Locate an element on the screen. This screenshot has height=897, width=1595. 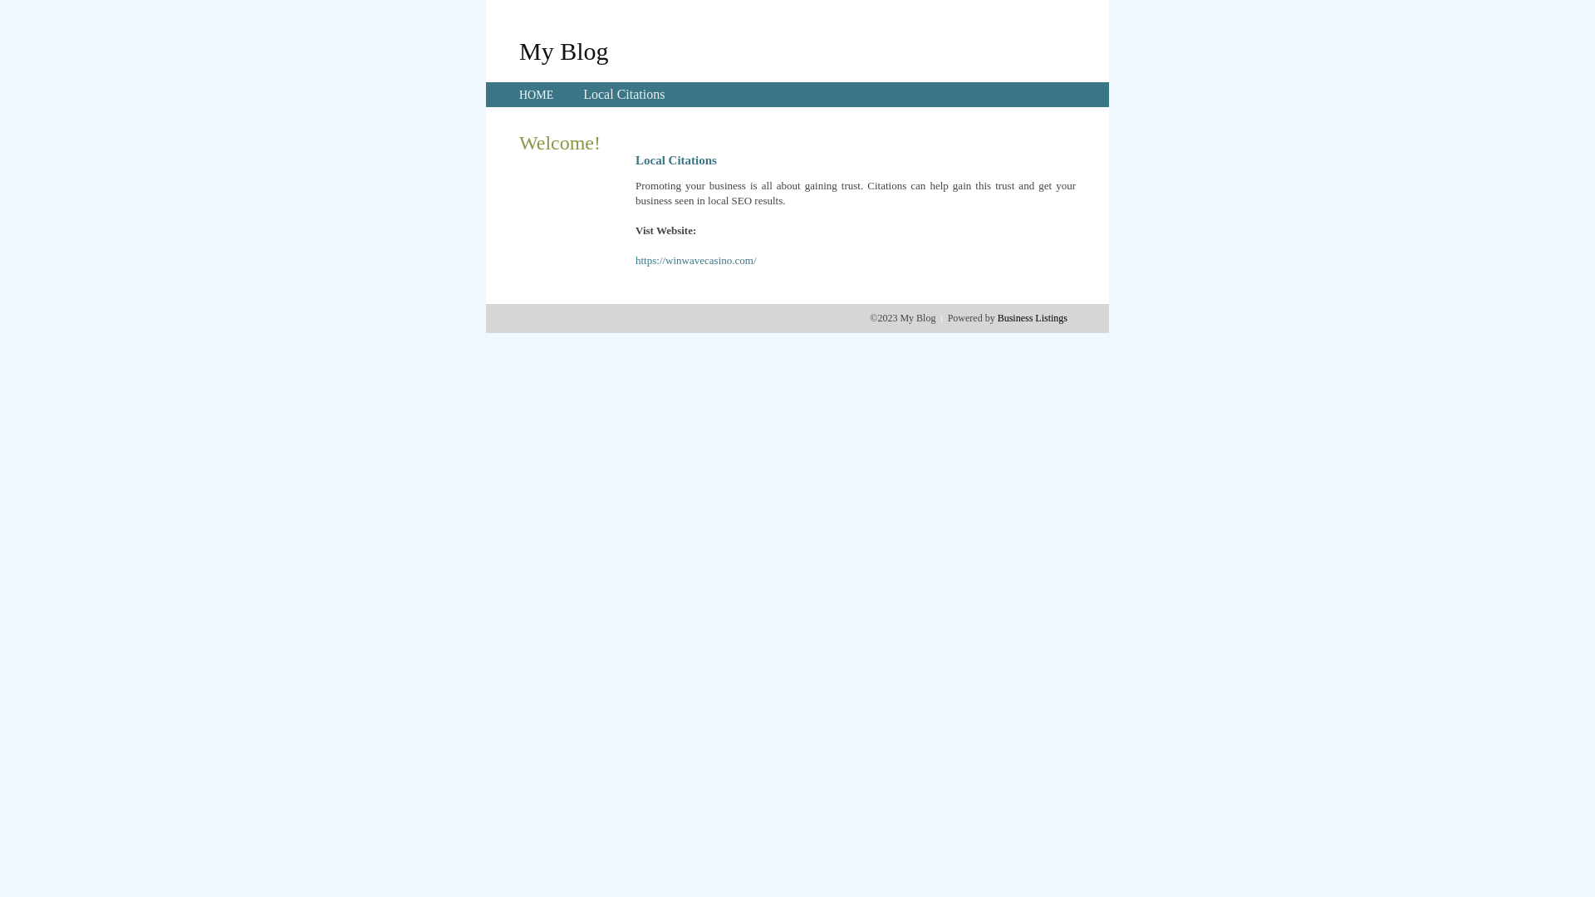
'Local Citations' is located at coordinates (622, 94).